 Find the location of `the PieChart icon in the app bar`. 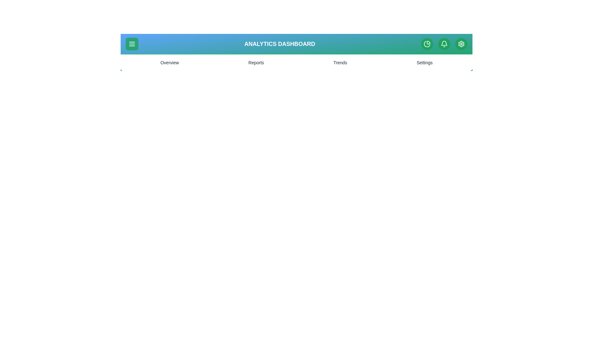

the PieChart icon in the app bar is located at coordinates (427, 43).